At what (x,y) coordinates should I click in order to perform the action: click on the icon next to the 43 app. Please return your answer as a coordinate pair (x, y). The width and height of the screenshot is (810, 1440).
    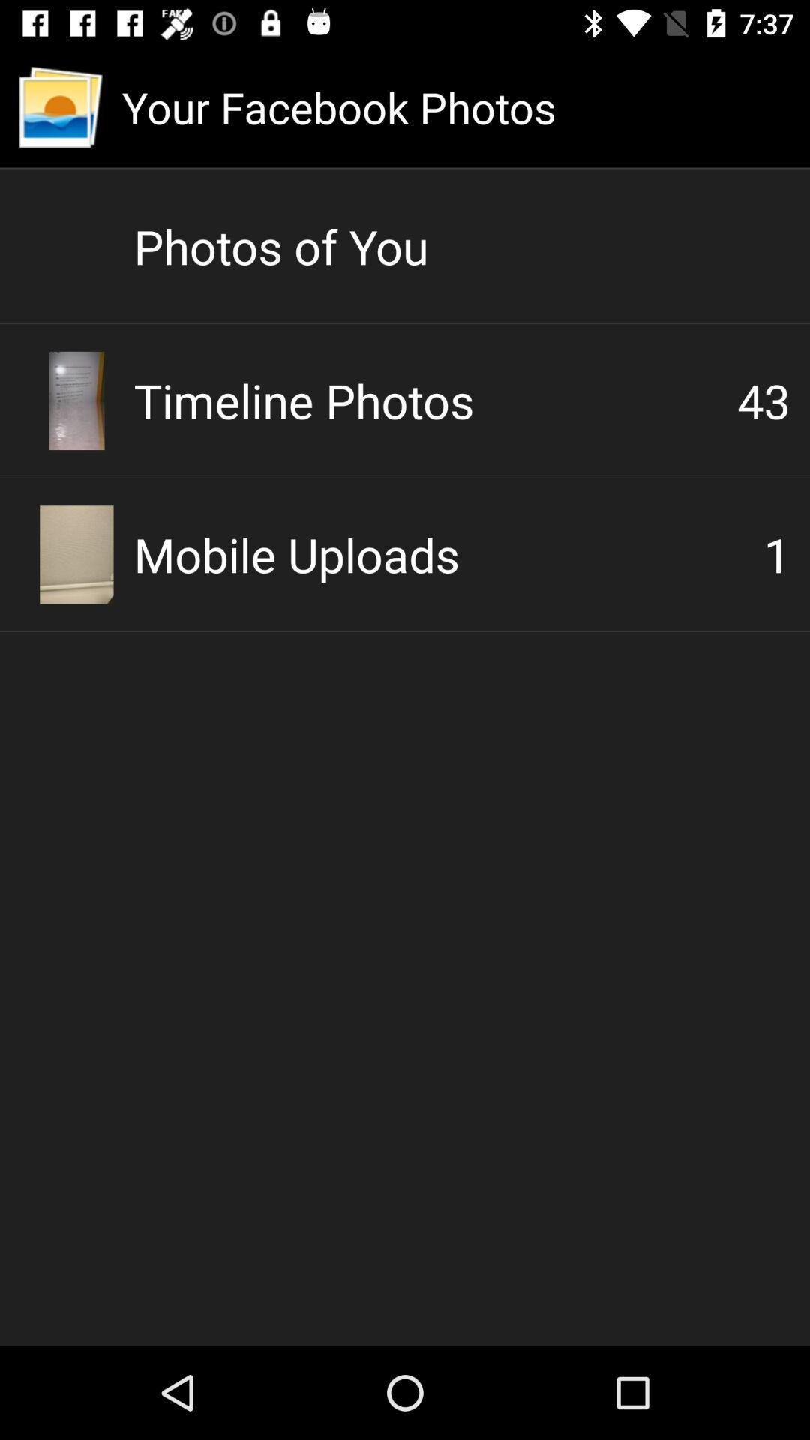
    Looking at the image, I should click on (435, 400).